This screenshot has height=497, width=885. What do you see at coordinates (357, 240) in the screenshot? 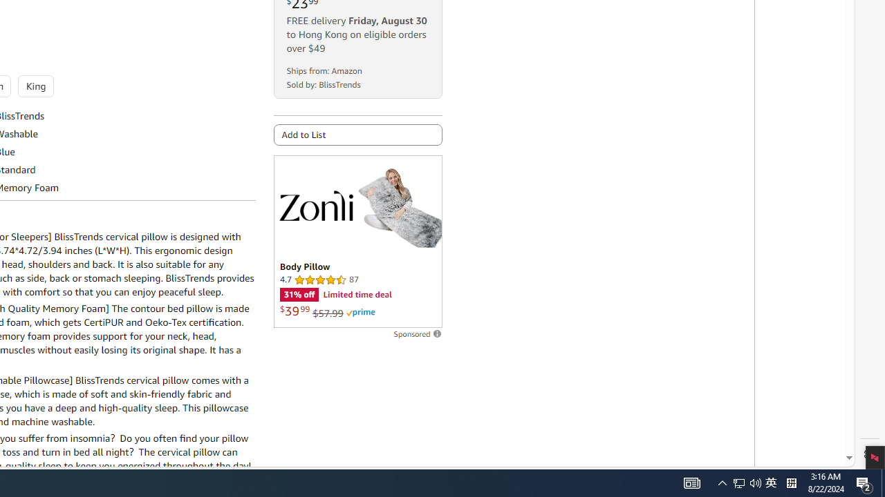
I see `'Sponsored ad'` at bounding box center [357, 240].